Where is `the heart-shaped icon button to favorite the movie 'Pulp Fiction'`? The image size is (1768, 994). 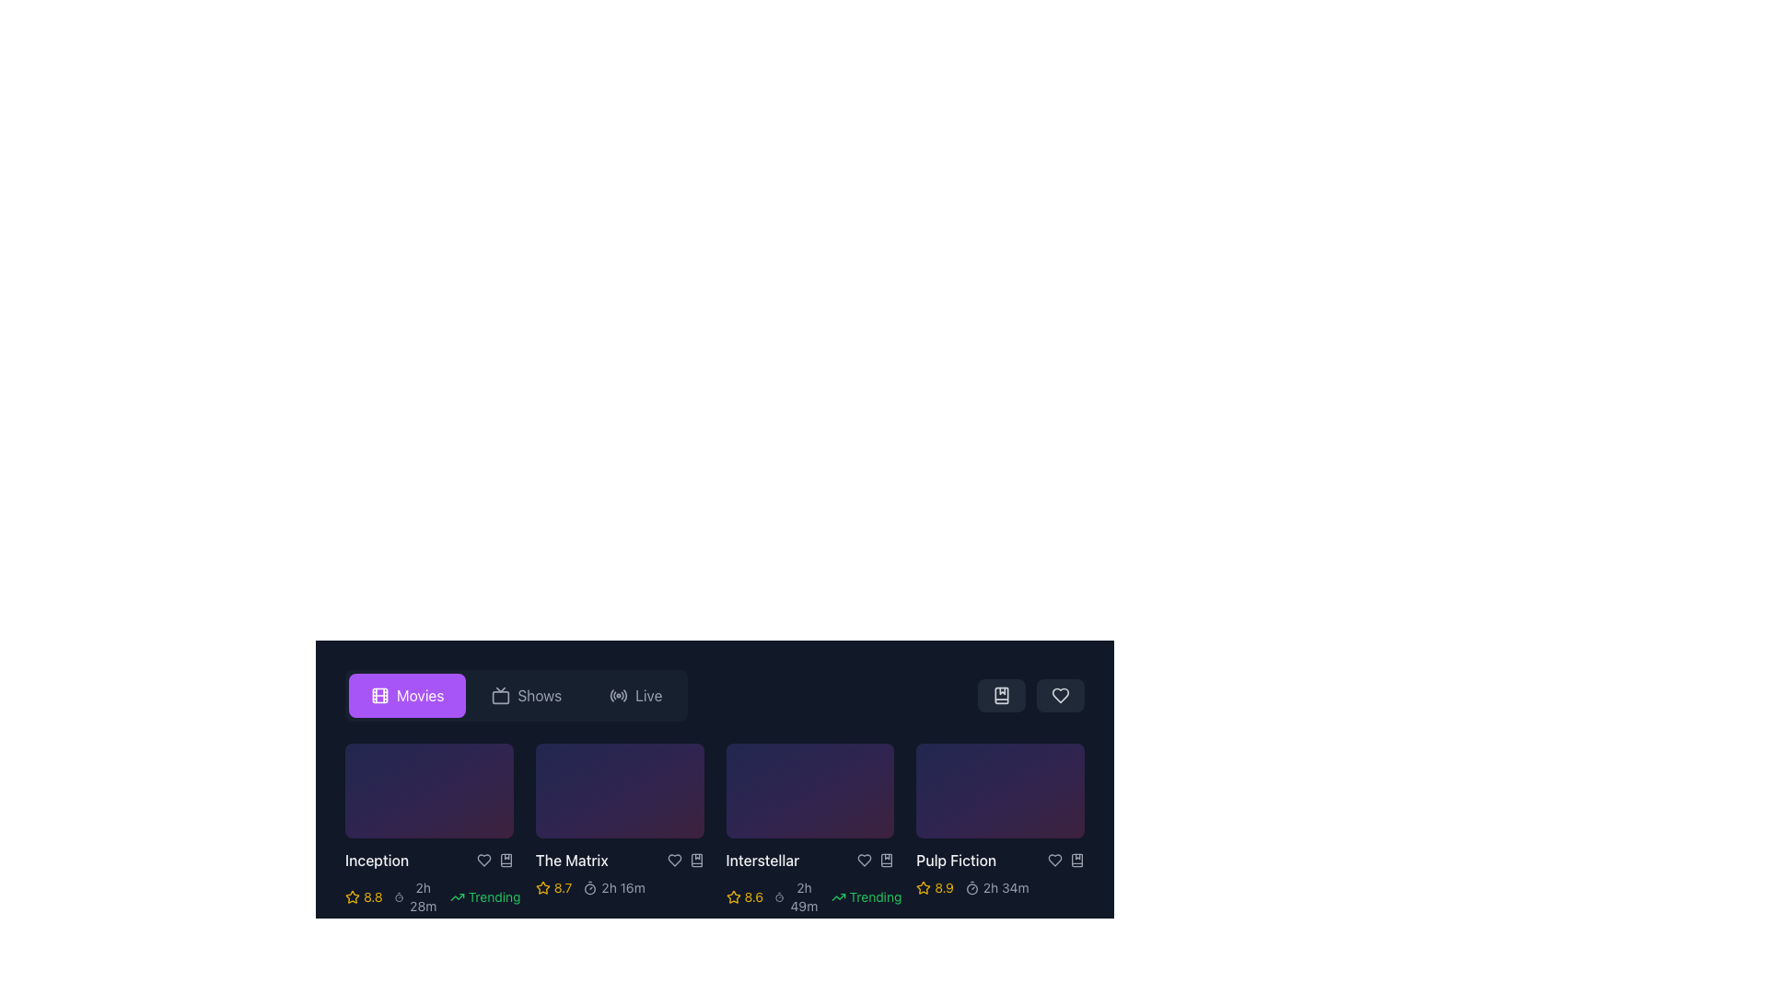 the heart-shaped icon button to favorite the movie 'Pulp Fiction' is located at coordinates (1055, 859).